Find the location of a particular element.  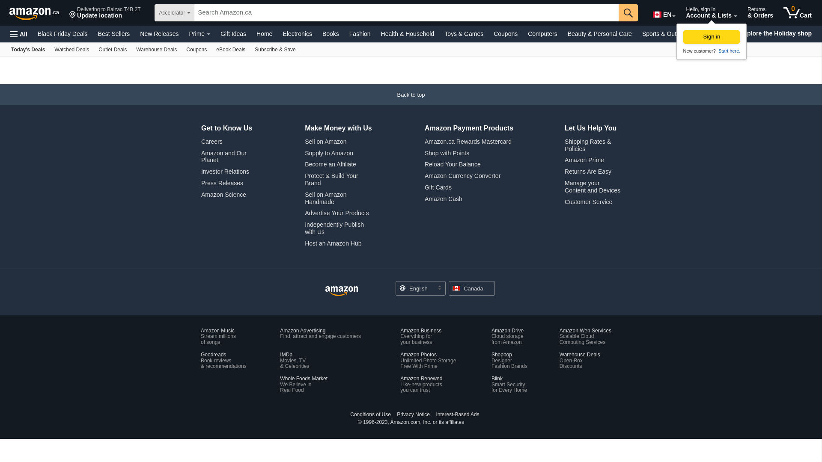

'Shipping Rates & Policies' is located at coordinates (587, 145).